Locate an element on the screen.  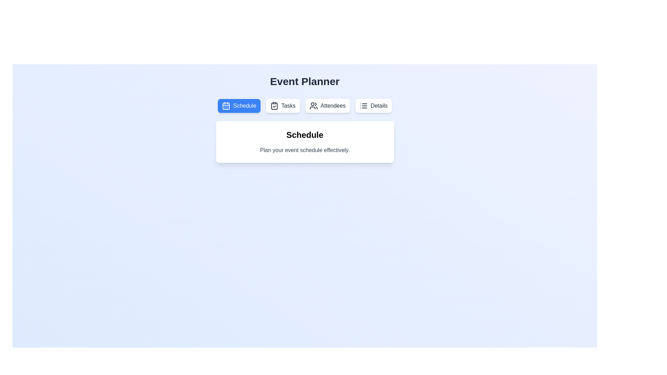
the tab button labeled 'Schedule' to switch to the respective tab is located at coordinates (239, 106).